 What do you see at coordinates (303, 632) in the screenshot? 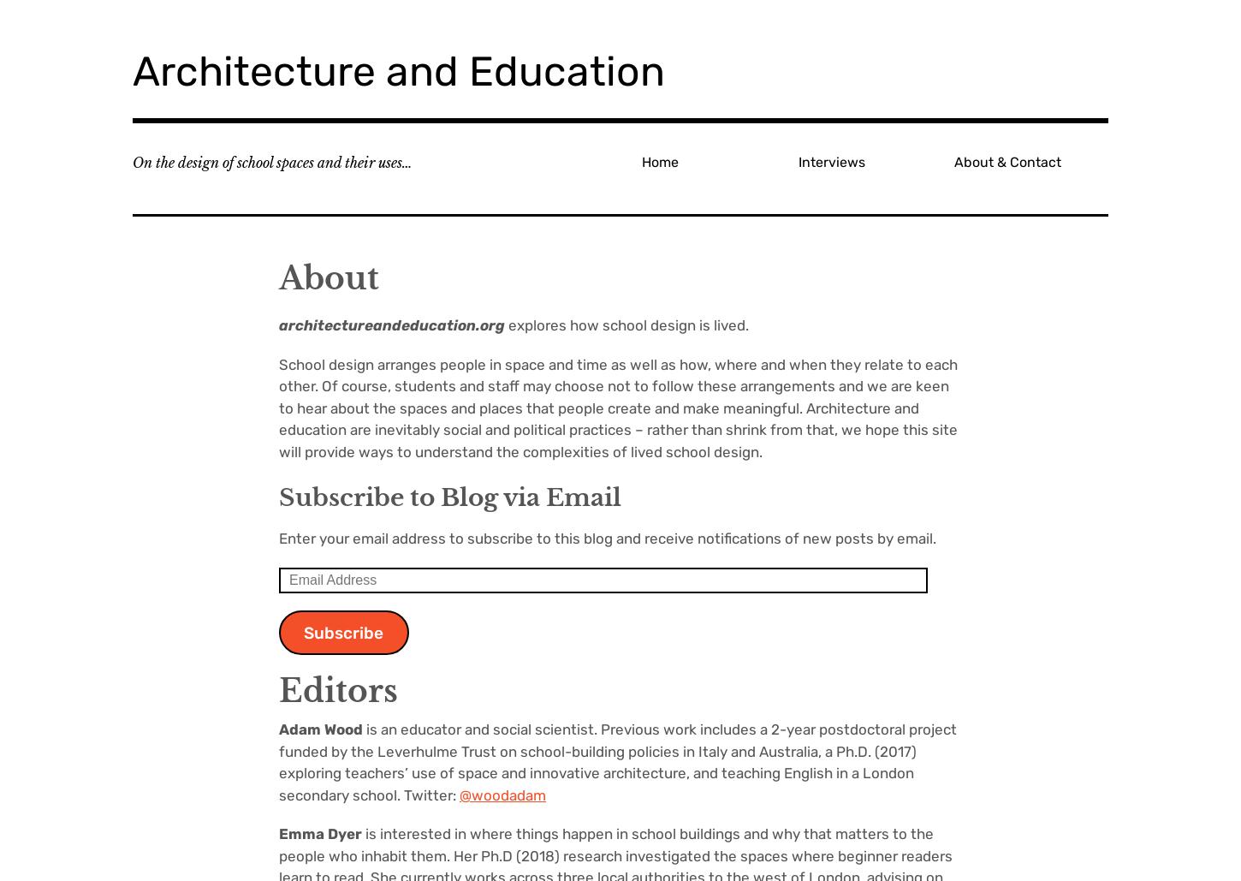
I see `'Subscribe'` at bounding box center [303, 632].